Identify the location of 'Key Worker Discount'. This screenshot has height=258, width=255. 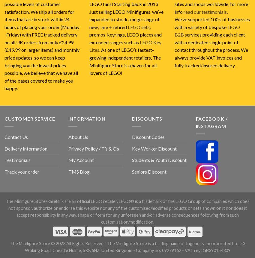
(154, 148).